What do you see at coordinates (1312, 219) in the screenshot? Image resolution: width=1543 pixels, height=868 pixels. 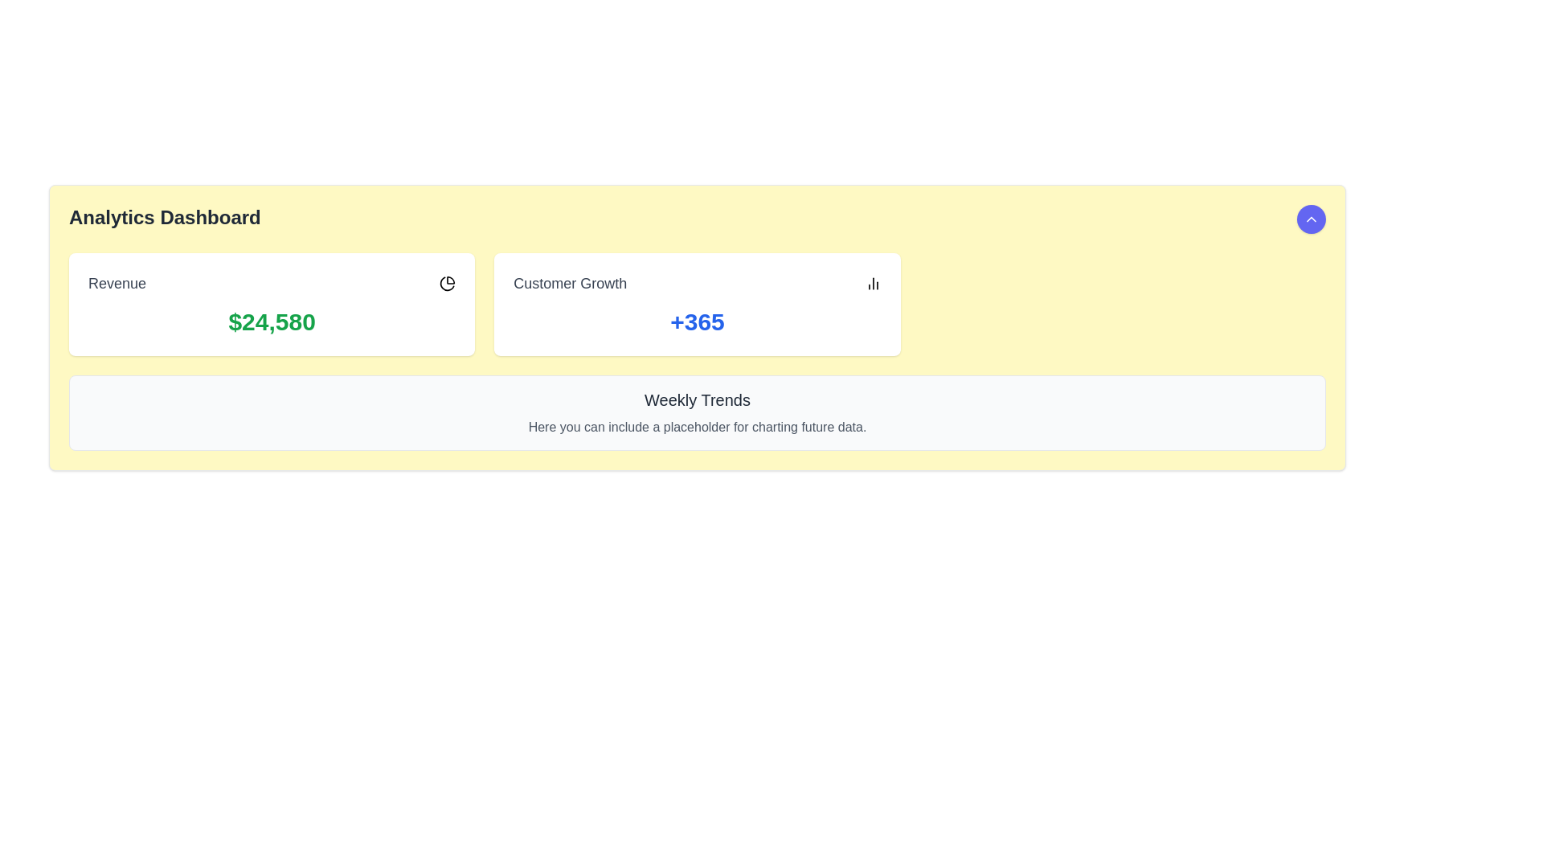 I see `the upward-pointing chevron-shaped icon, which is the only icon within a circular button located in the top-right corner of the interface` at bounding box center [1312, 219].